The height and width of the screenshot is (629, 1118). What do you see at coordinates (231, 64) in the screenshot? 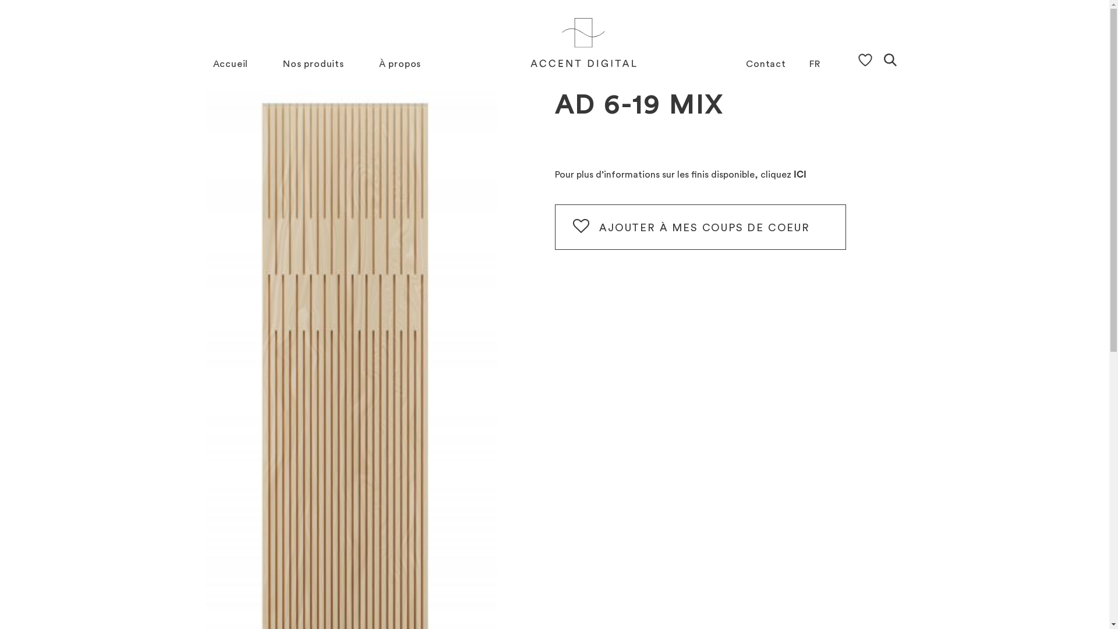
I see `'Accueil'` at bounding box center [231, 64].